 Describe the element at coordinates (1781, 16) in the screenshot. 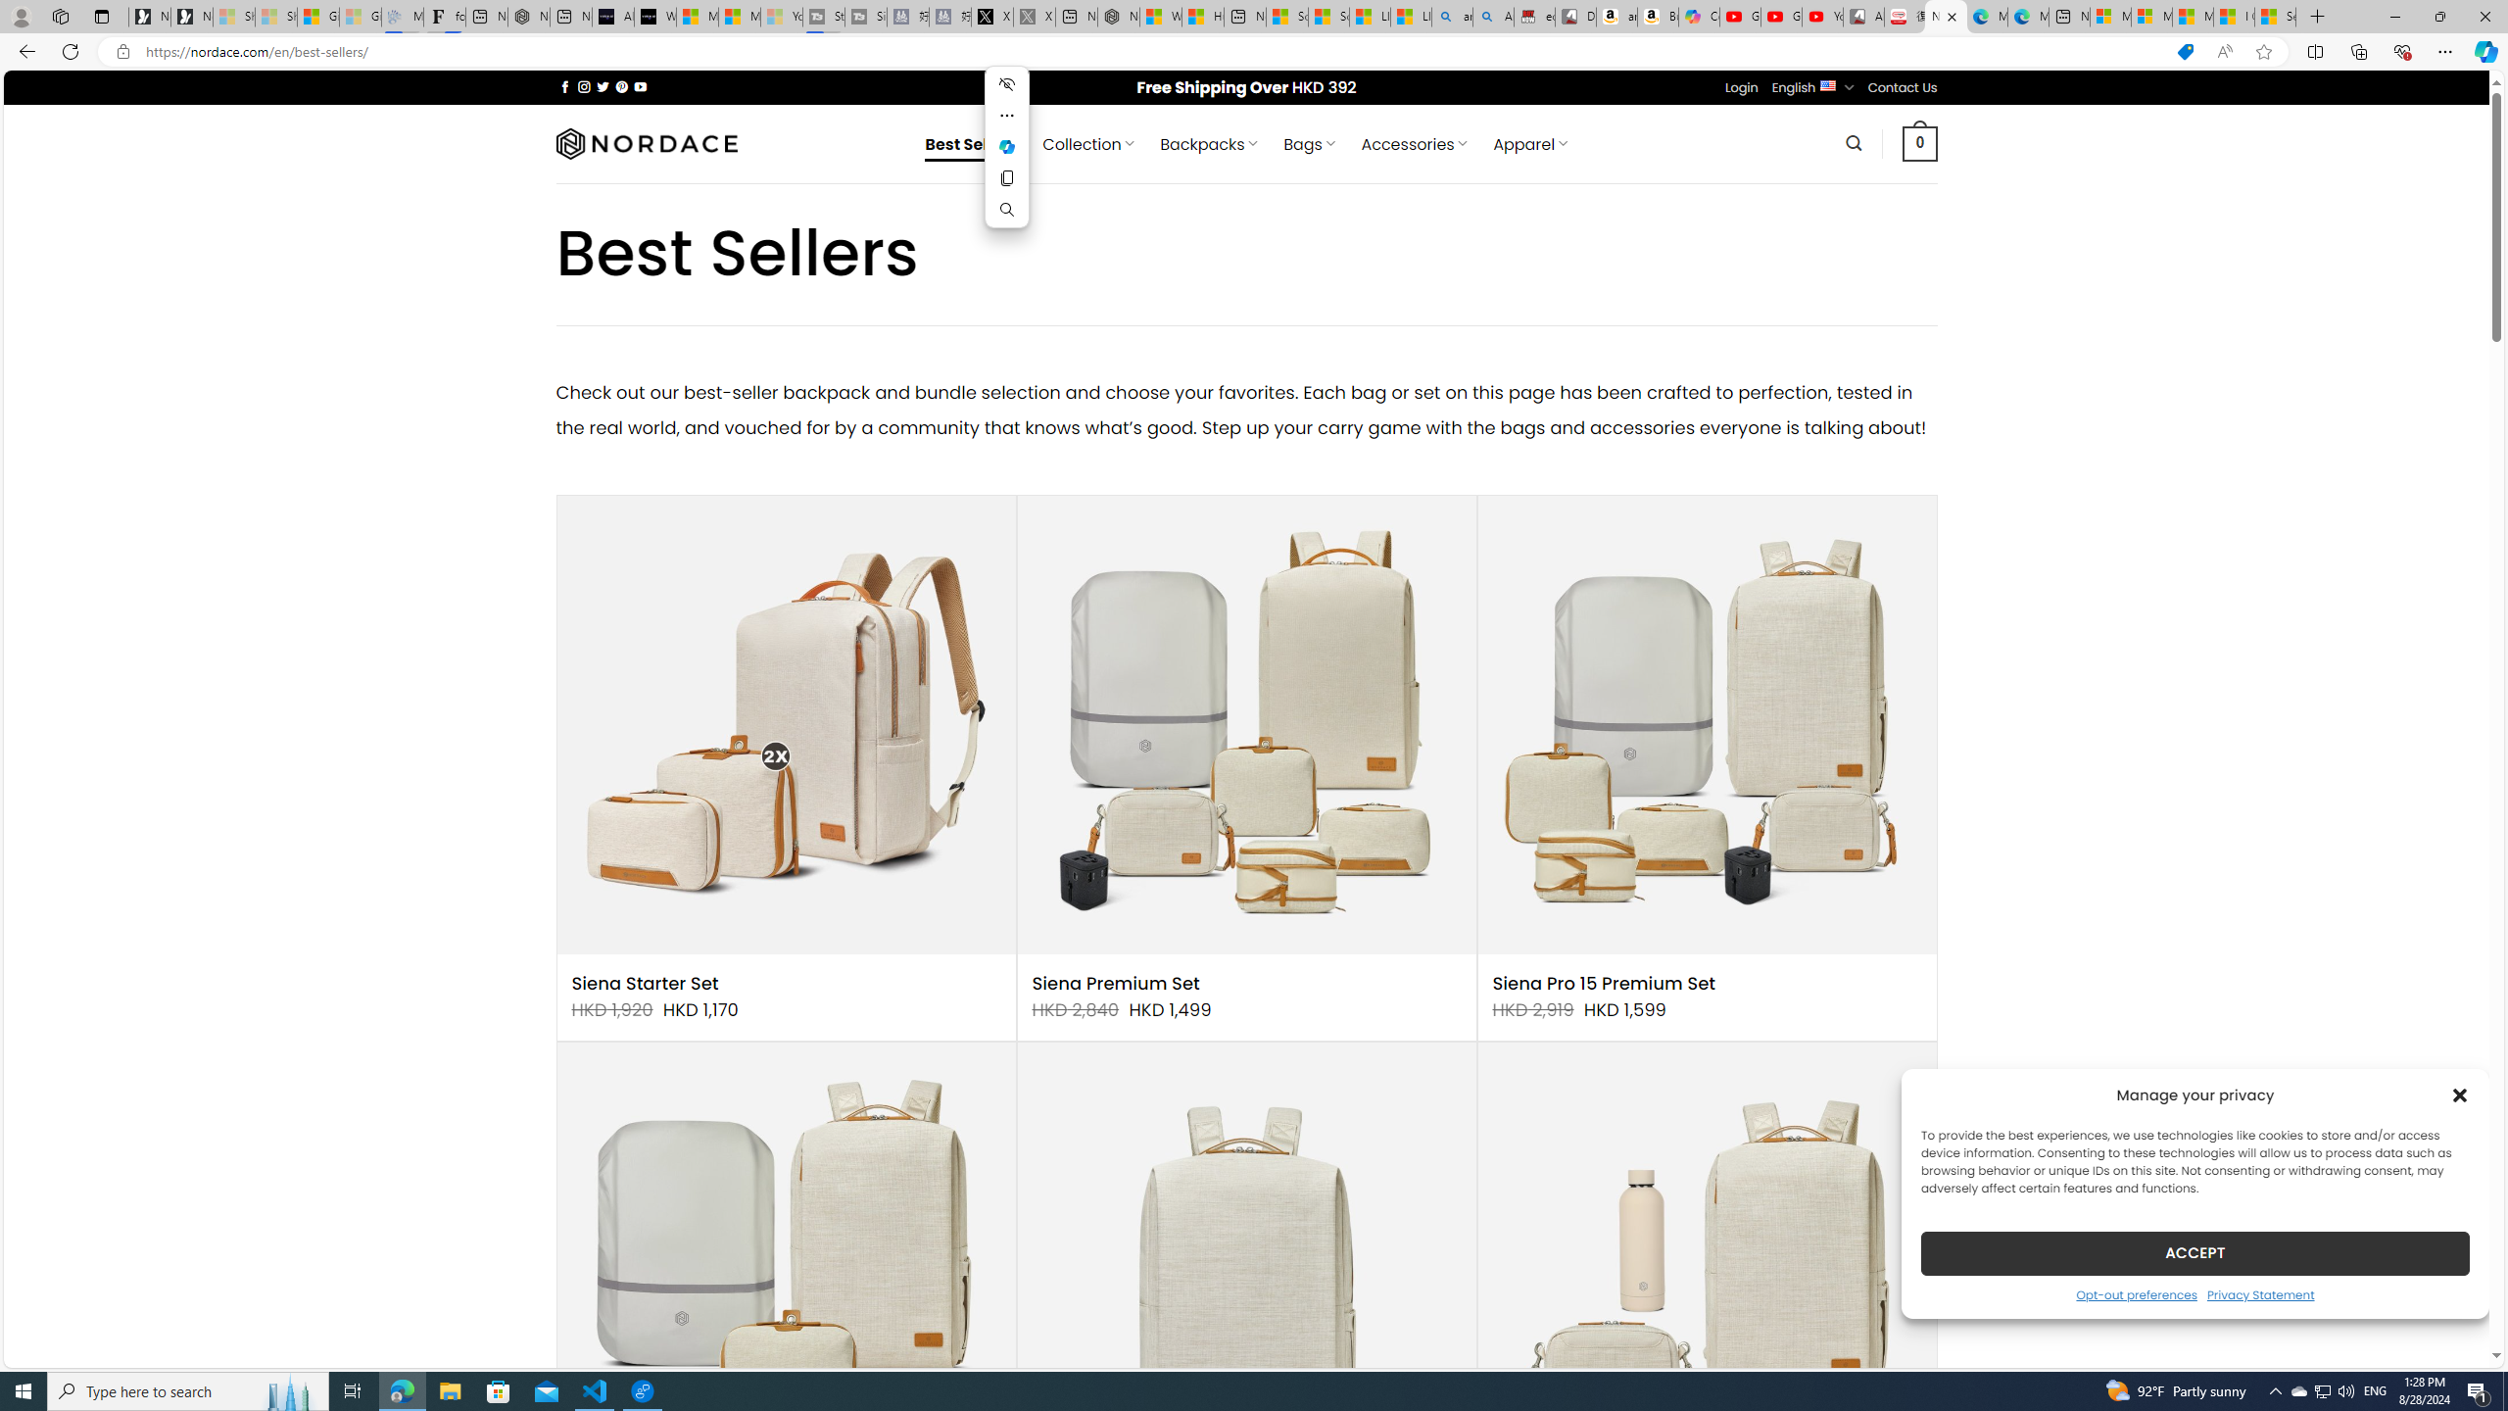

I see `'Gloom - YouTube'` at that location.